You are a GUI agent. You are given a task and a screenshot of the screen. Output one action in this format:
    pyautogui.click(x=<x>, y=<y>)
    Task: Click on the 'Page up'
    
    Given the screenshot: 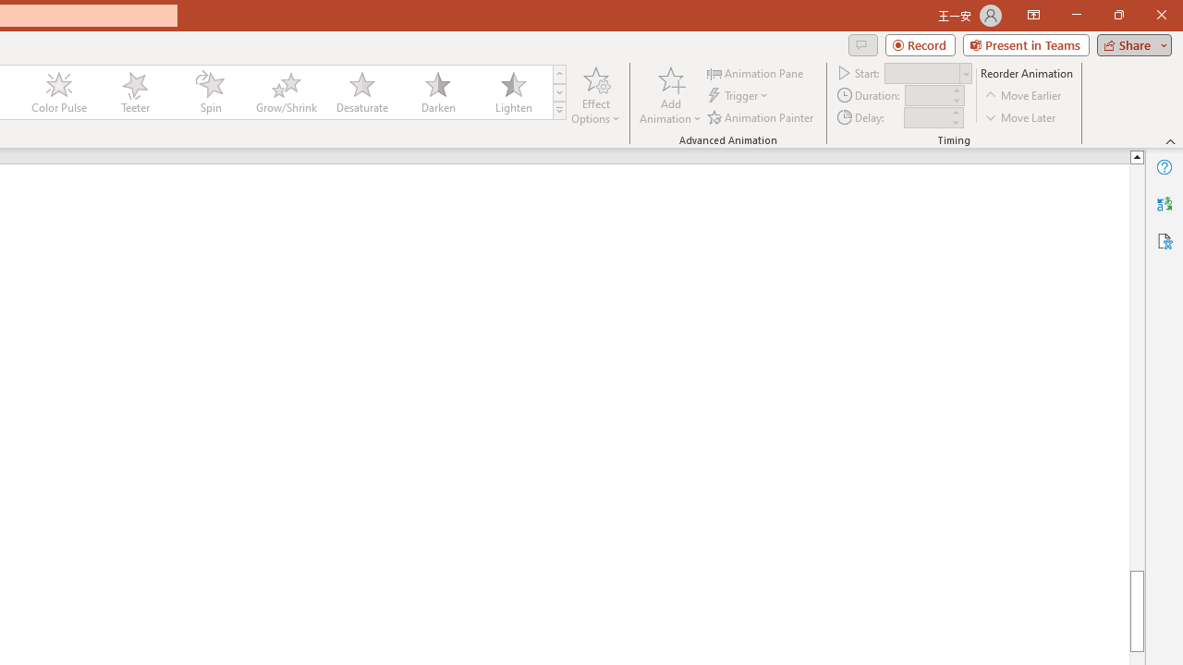 What is the action you would take?
    pyautogui.click(x=1136, y=367)
    